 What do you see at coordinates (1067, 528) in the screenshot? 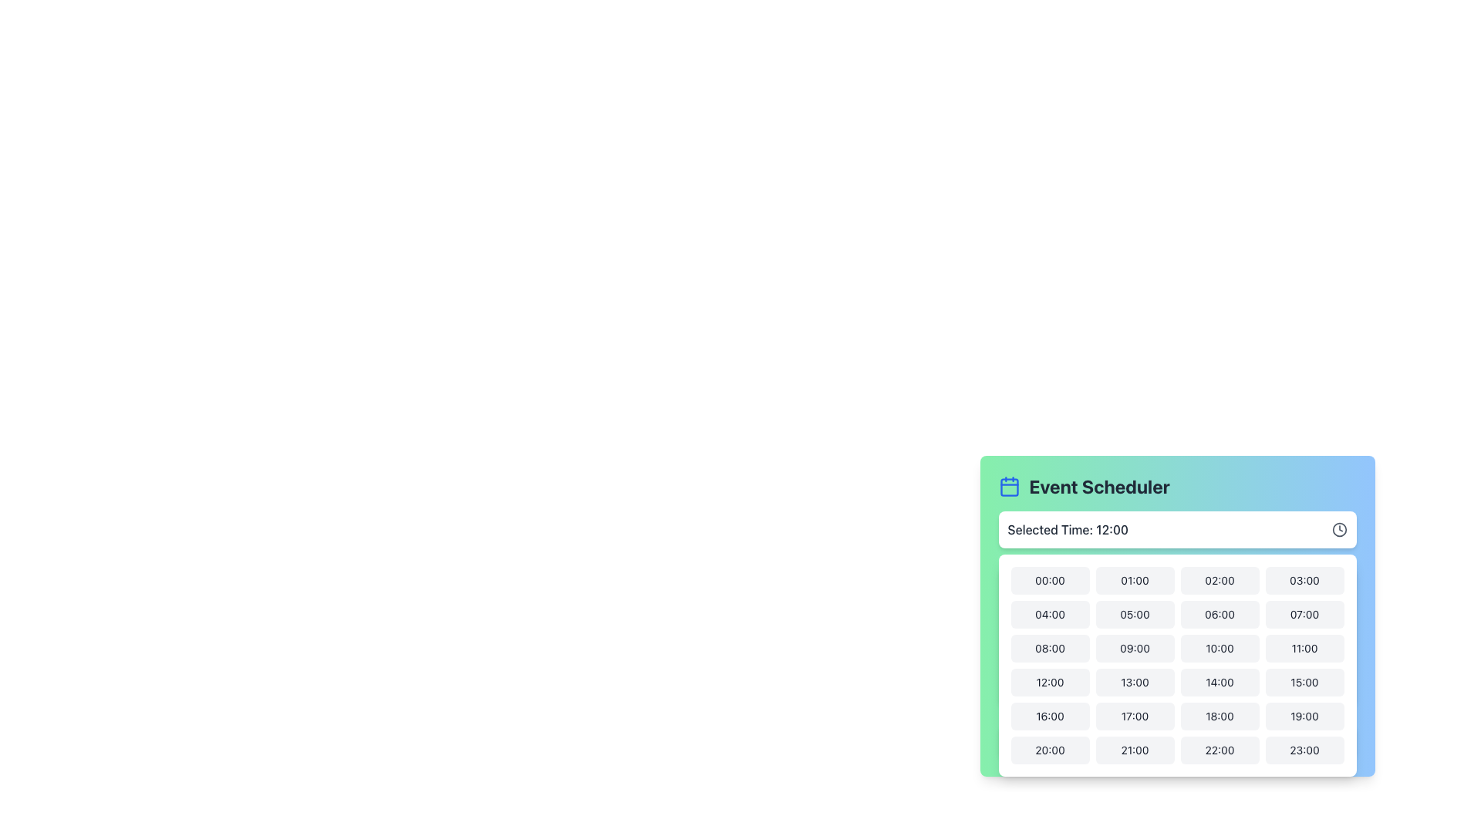
I see `the text label indicating the currently selected time within the scheduling interface, located to the left of the clock icon` at bounding box center [1067, 528].